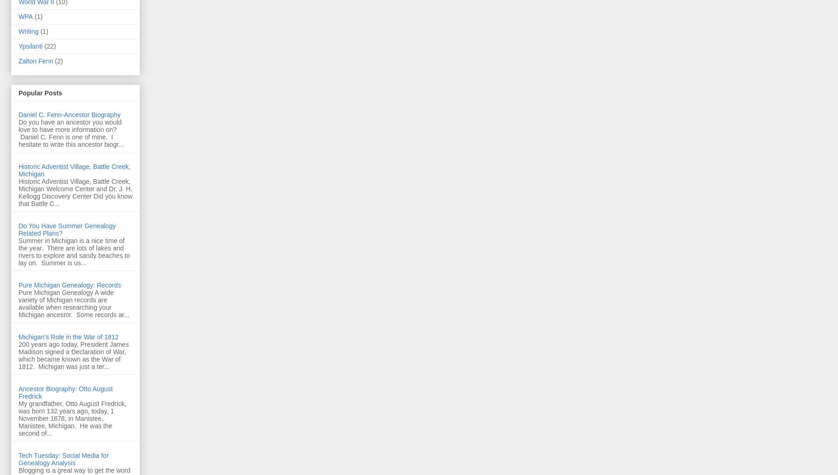  I want to click on 'Tech Tuesday: Social Media for Genealogy Analysis', so click(63, 458).